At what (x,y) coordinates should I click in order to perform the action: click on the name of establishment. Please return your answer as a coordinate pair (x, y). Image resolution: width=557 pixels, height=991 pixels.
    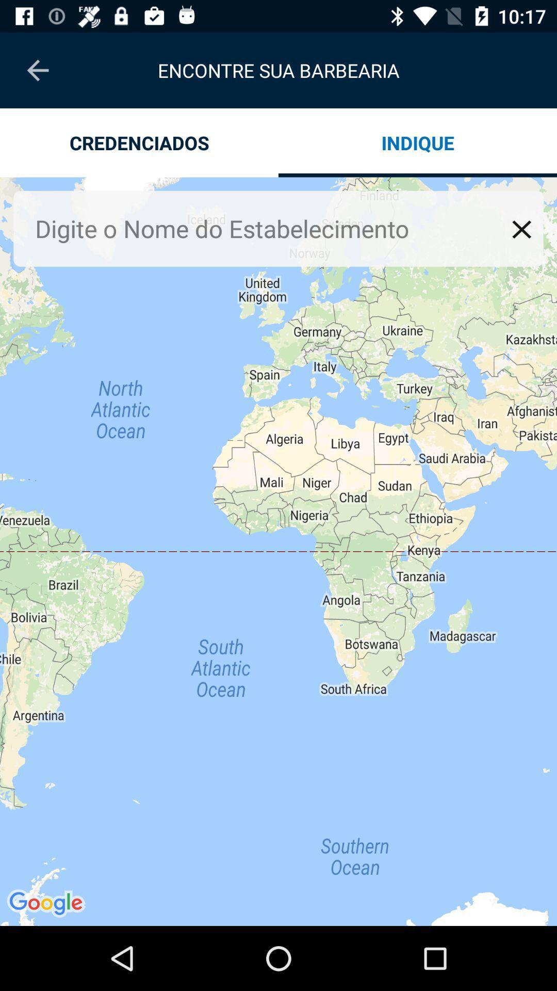
    Looking at the image, I should click on (270, 228).